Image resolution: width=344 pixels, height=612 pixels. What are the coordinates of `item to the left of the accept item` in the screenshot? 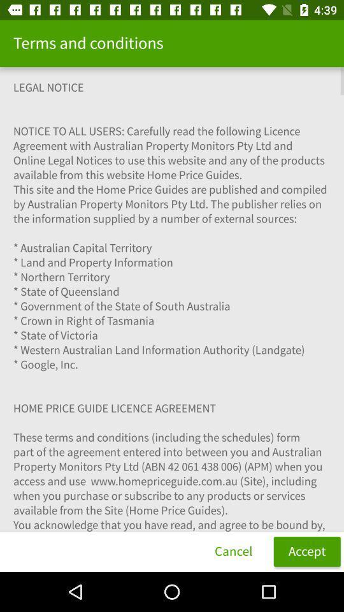 It's located at (233, 551).